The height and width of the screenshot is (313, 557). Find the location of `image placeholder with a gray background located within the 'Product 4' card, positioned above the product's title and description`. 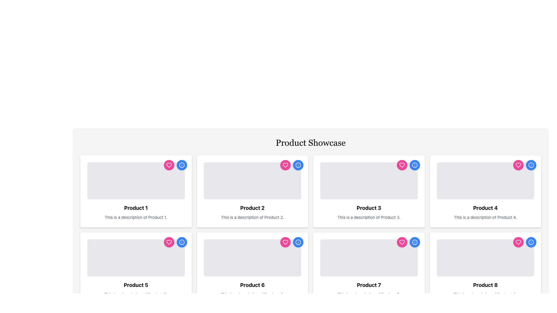

image placeholder with a gray background located within the 'Product 4' card, positioned above the product's title and description is located at coordinates (485, 181).